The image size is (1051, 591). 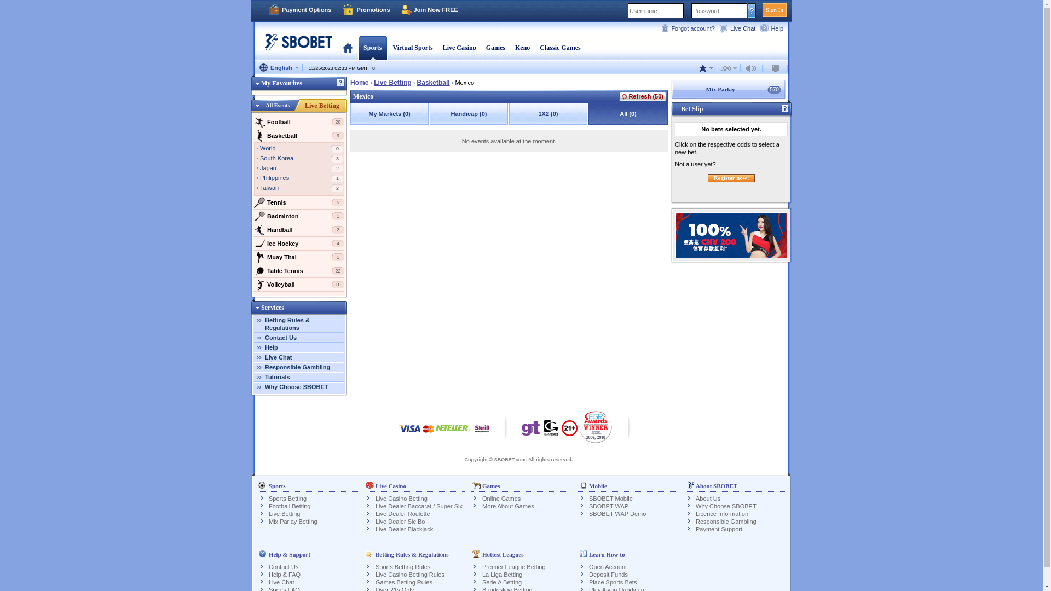 What do you see at coordinates (522, 47) in the screenshot?
I see `'Keno'` at bounding box center [522, 47].